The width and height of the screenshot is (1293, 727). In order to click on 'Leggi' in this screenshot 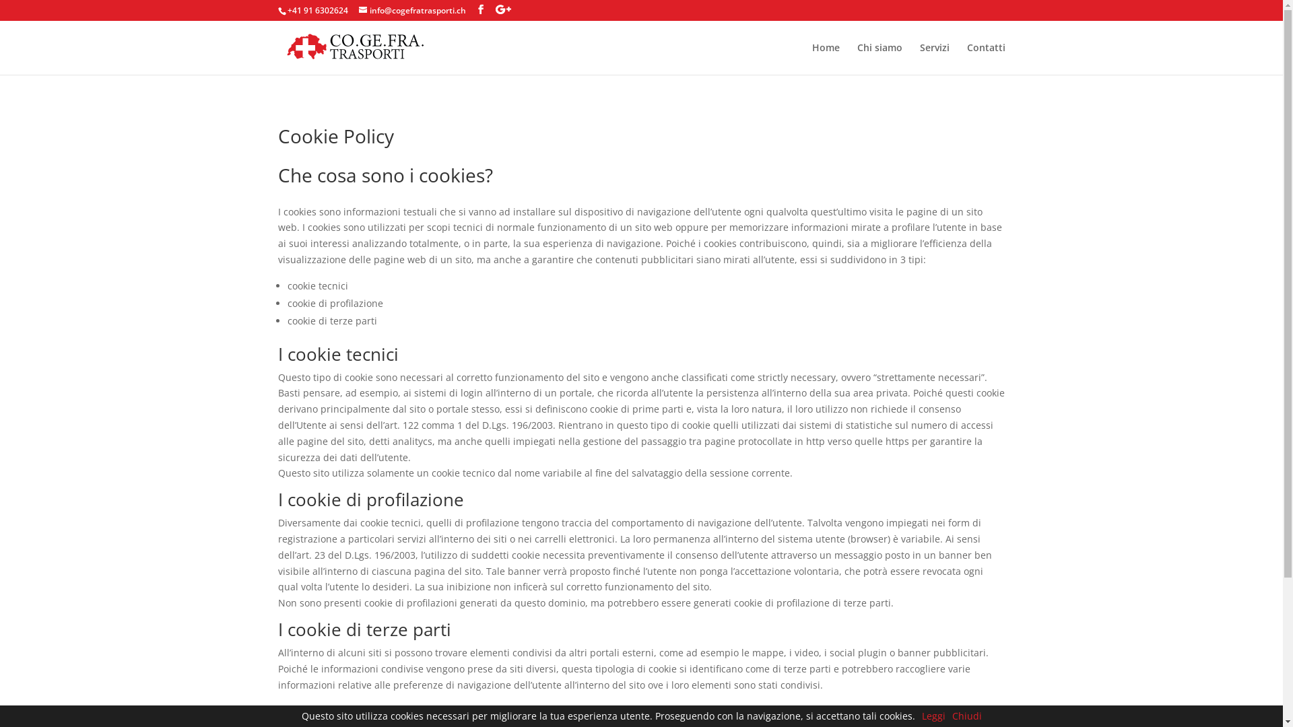, I will do `click(932, 715)`.